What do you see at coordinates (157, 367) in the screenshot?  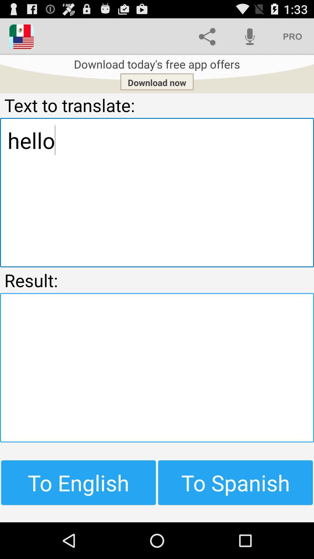 I see `result of original text` at bounding box center [157, 367].